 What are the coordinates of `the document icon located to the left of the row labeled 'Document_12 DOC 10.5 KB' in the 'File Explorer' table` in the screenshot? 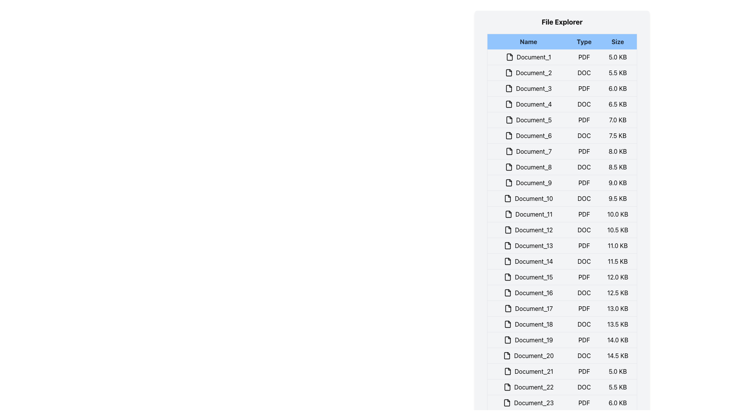 It's located at (508, 230).